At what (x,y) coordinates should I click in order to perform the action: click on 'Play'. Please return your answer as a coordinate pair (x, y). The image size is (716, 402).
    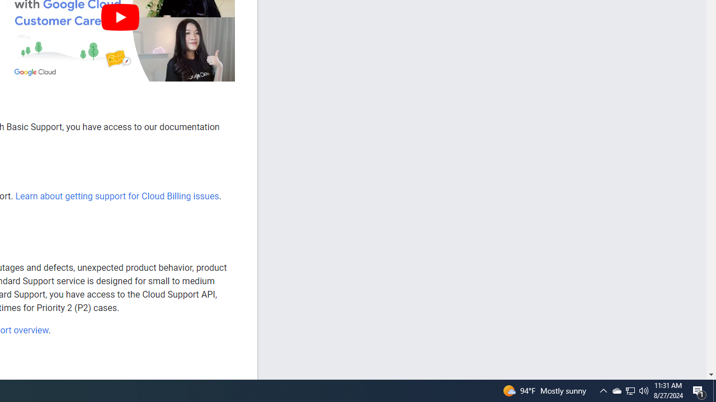
    Looking at the image, I should click on (120, 17).